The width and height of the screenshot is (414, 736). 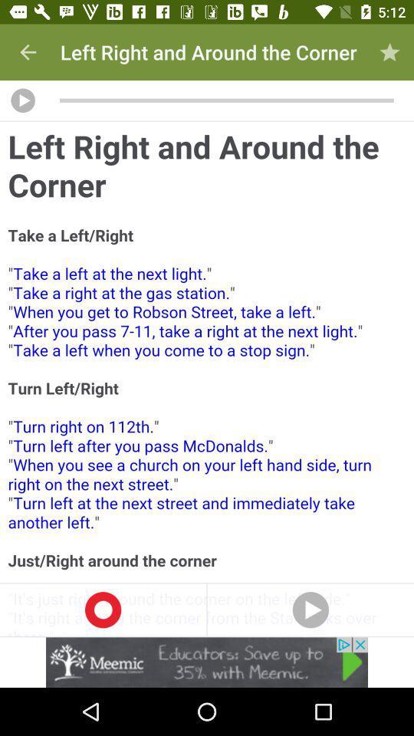 I want to click on the play icon, so click(x=22, y=100).